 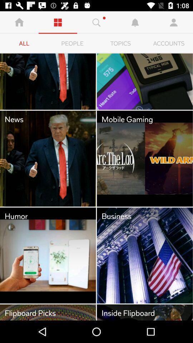 What do you see at coordinates (72, 43) in the screenshot?
I see `the icon to the right of the all item` at bounding box center [72, 43].